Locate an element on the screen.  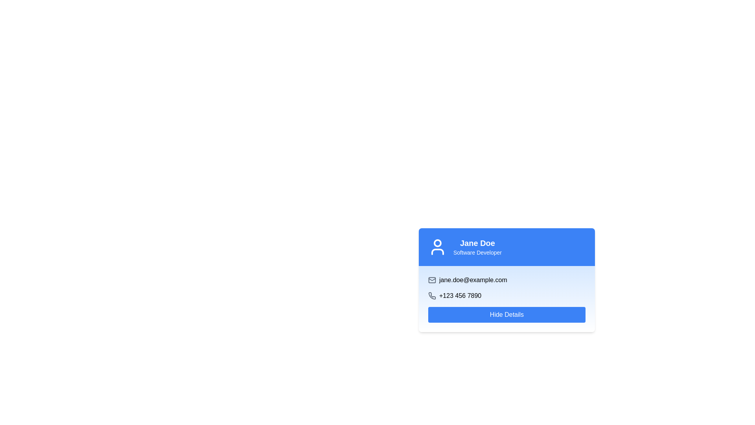
the text label displaying 'Jane Doe' and 'Software Developer' which is centered in a blue background area, located to the right of a user figure icon is located at coordinates (477, 247).